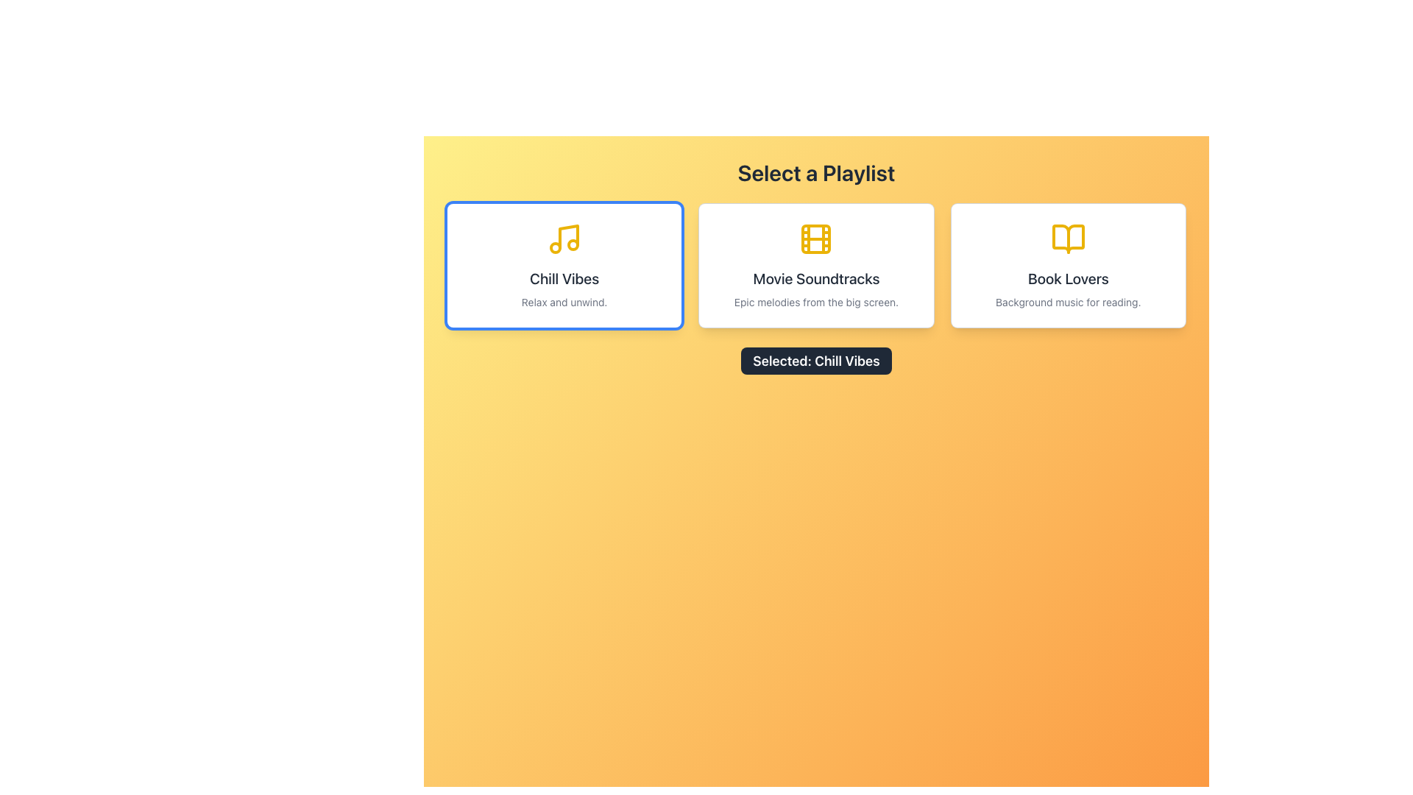 This screenshot has width=1413, height=795. I want to click on the text label 'Movie Soundtracks', which is styled in a medium-sized bold font and dark gray color, located in the second card of a horizontal row of three cards, positioned beneath a movie film icon, so click(815, 278).